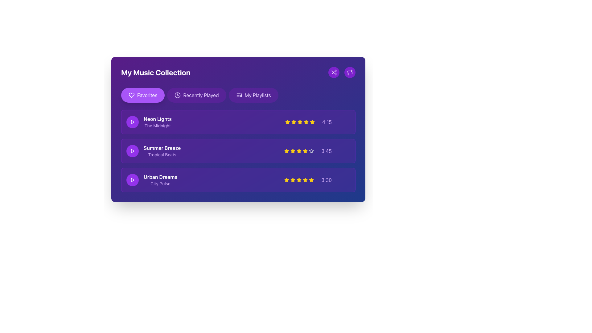  What do you see at coordinates (293, 151) in the screenshot?
I see `the third star-shaped icon with a yellow fill in the rating row of the 'Summer Breeze' playlist item to indicate a rating` at bounding box center [293, 151].